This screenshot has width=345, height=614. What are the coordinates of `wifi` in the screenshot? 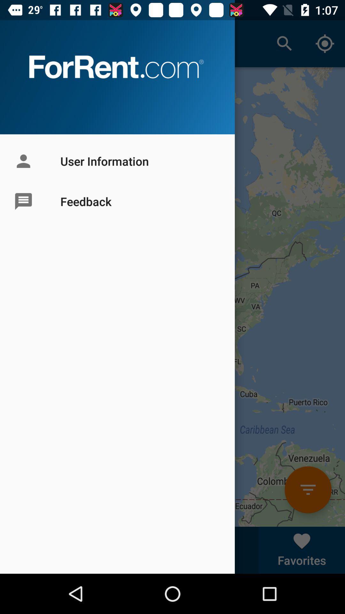 It's located at (308, 489).